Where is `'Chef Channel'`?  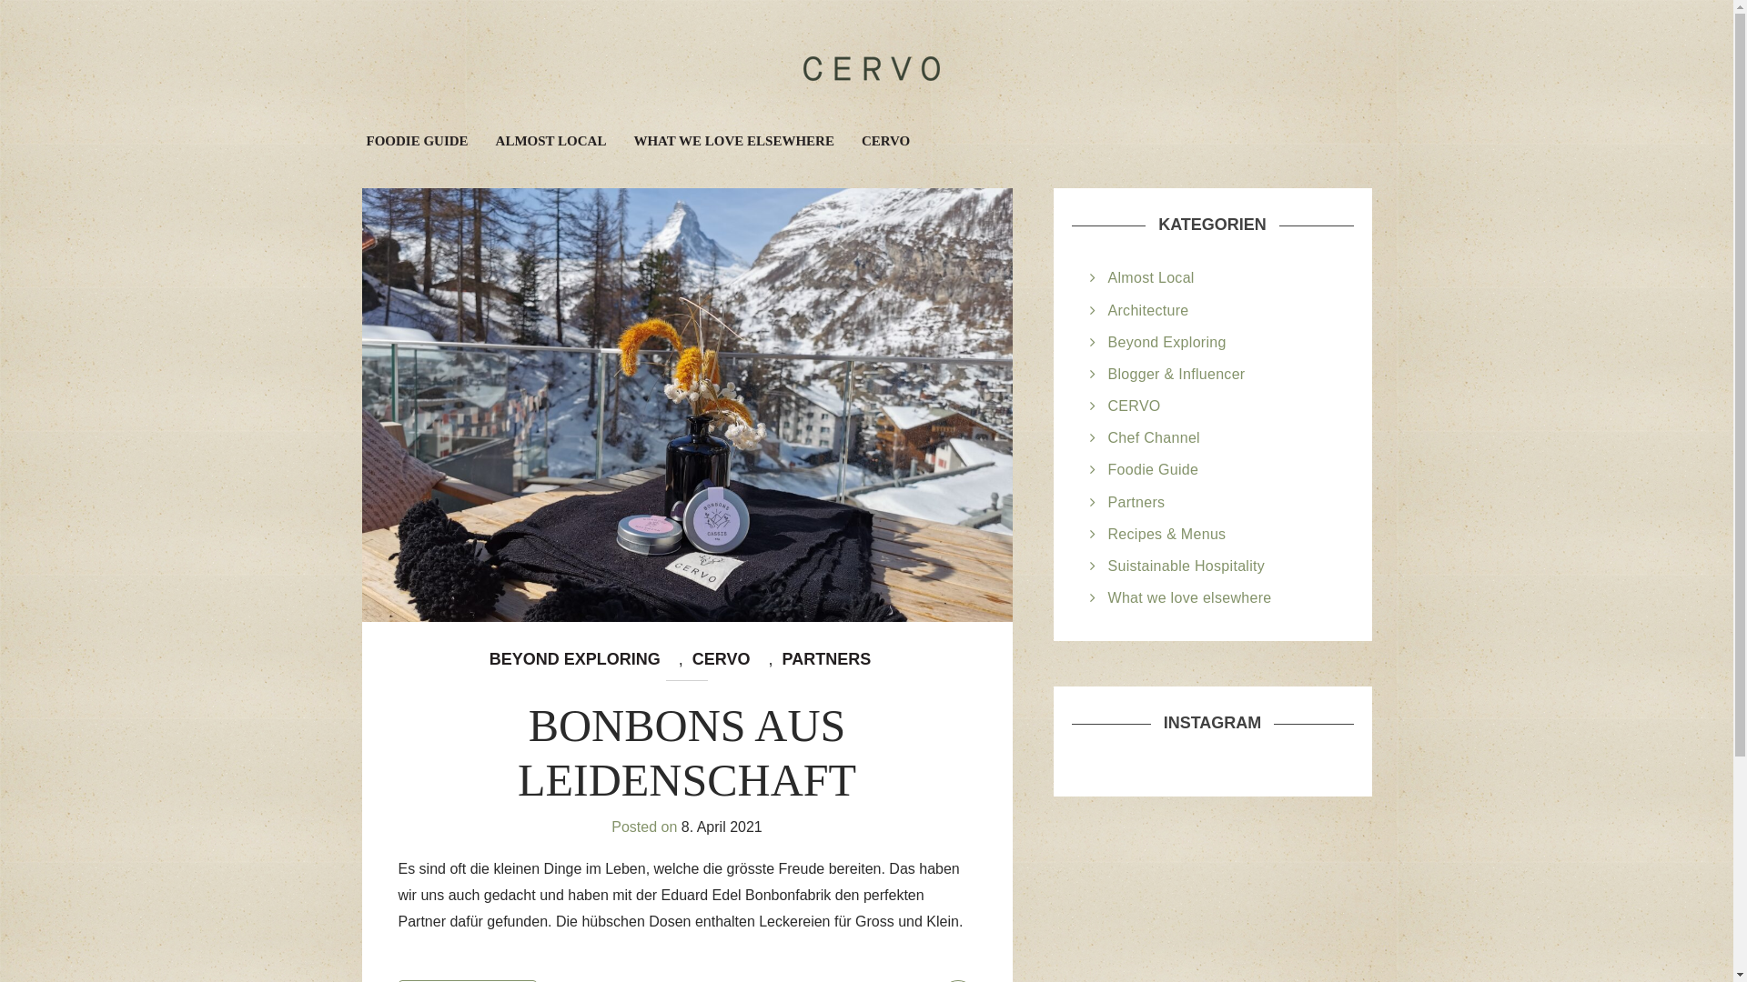
'Chef Channel' is located at coordinates (1153, 437).